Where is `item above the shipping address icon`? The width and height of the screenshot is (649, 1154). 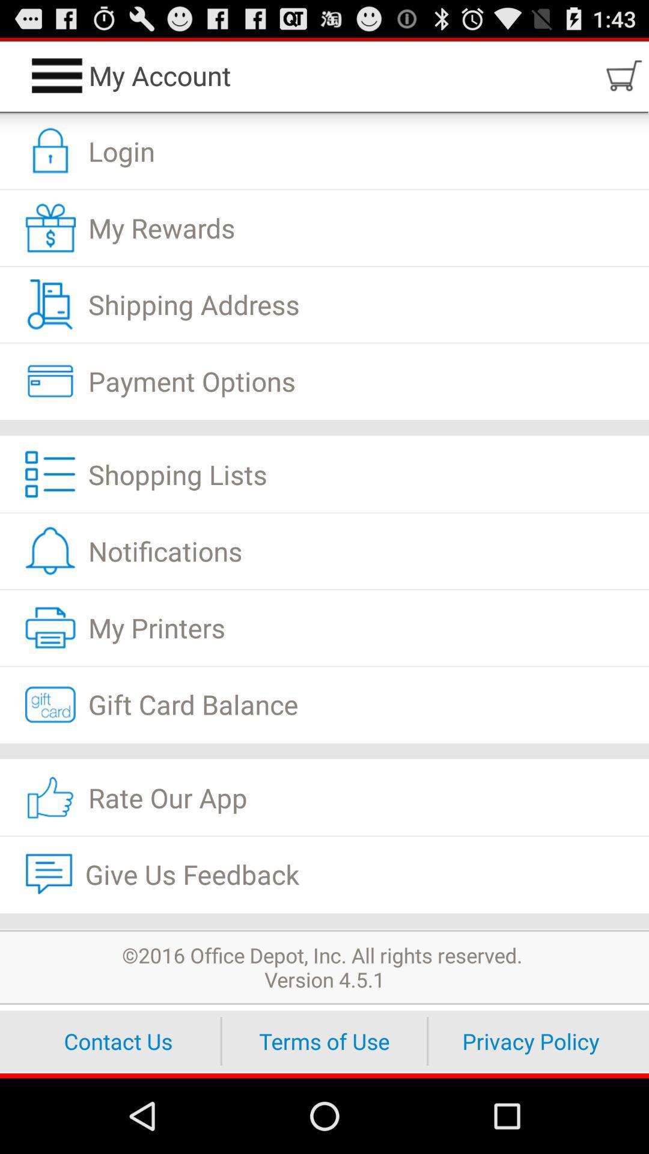
item above the shipping address icon is located at coordinates (324, 228).